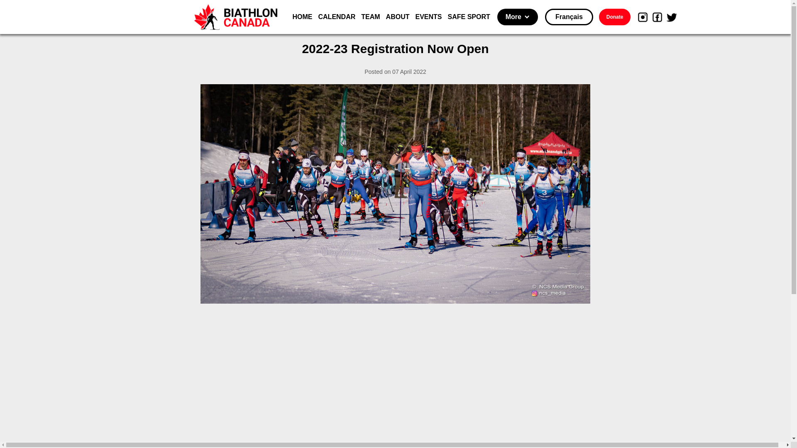  What do you see at coordinates (292, 17) in the screenshot?
I see `'HOME'` at bounding box center [292, 17].